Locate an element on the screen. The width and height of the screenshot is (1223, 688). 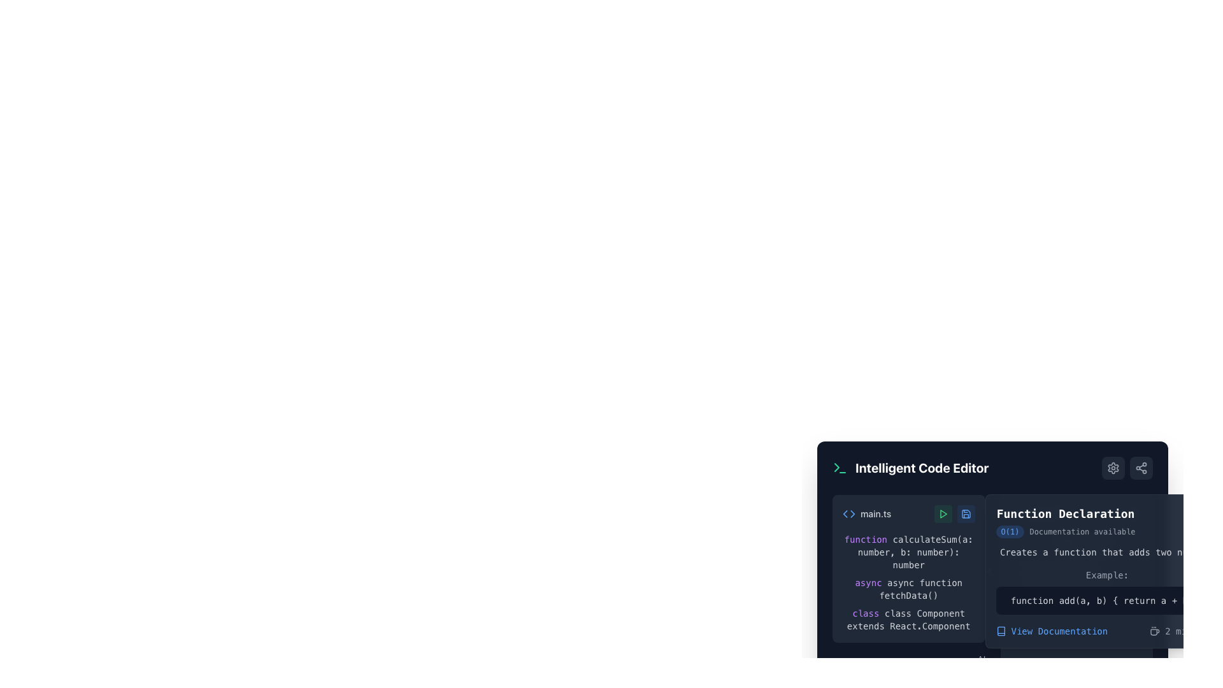
the terminal icon located is located at coordinates (1016, 513).